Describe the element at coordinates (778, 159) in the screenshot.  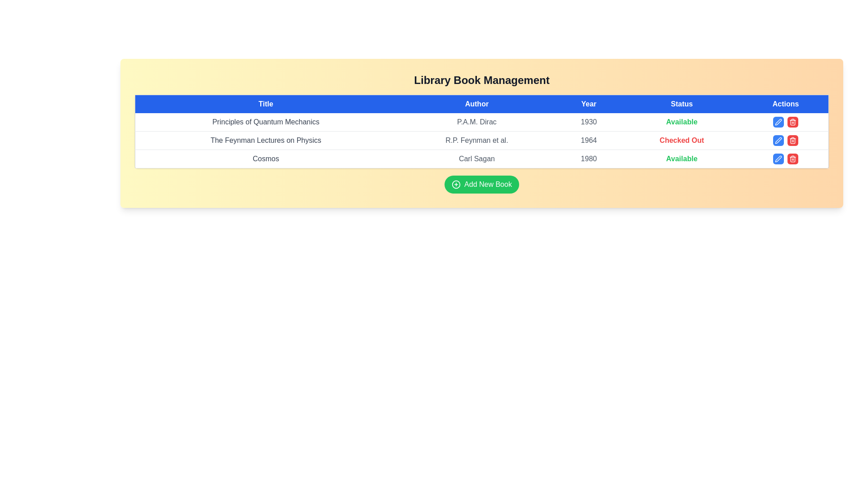
I see `edit button for the book titled 'Cosmos'` at that location.